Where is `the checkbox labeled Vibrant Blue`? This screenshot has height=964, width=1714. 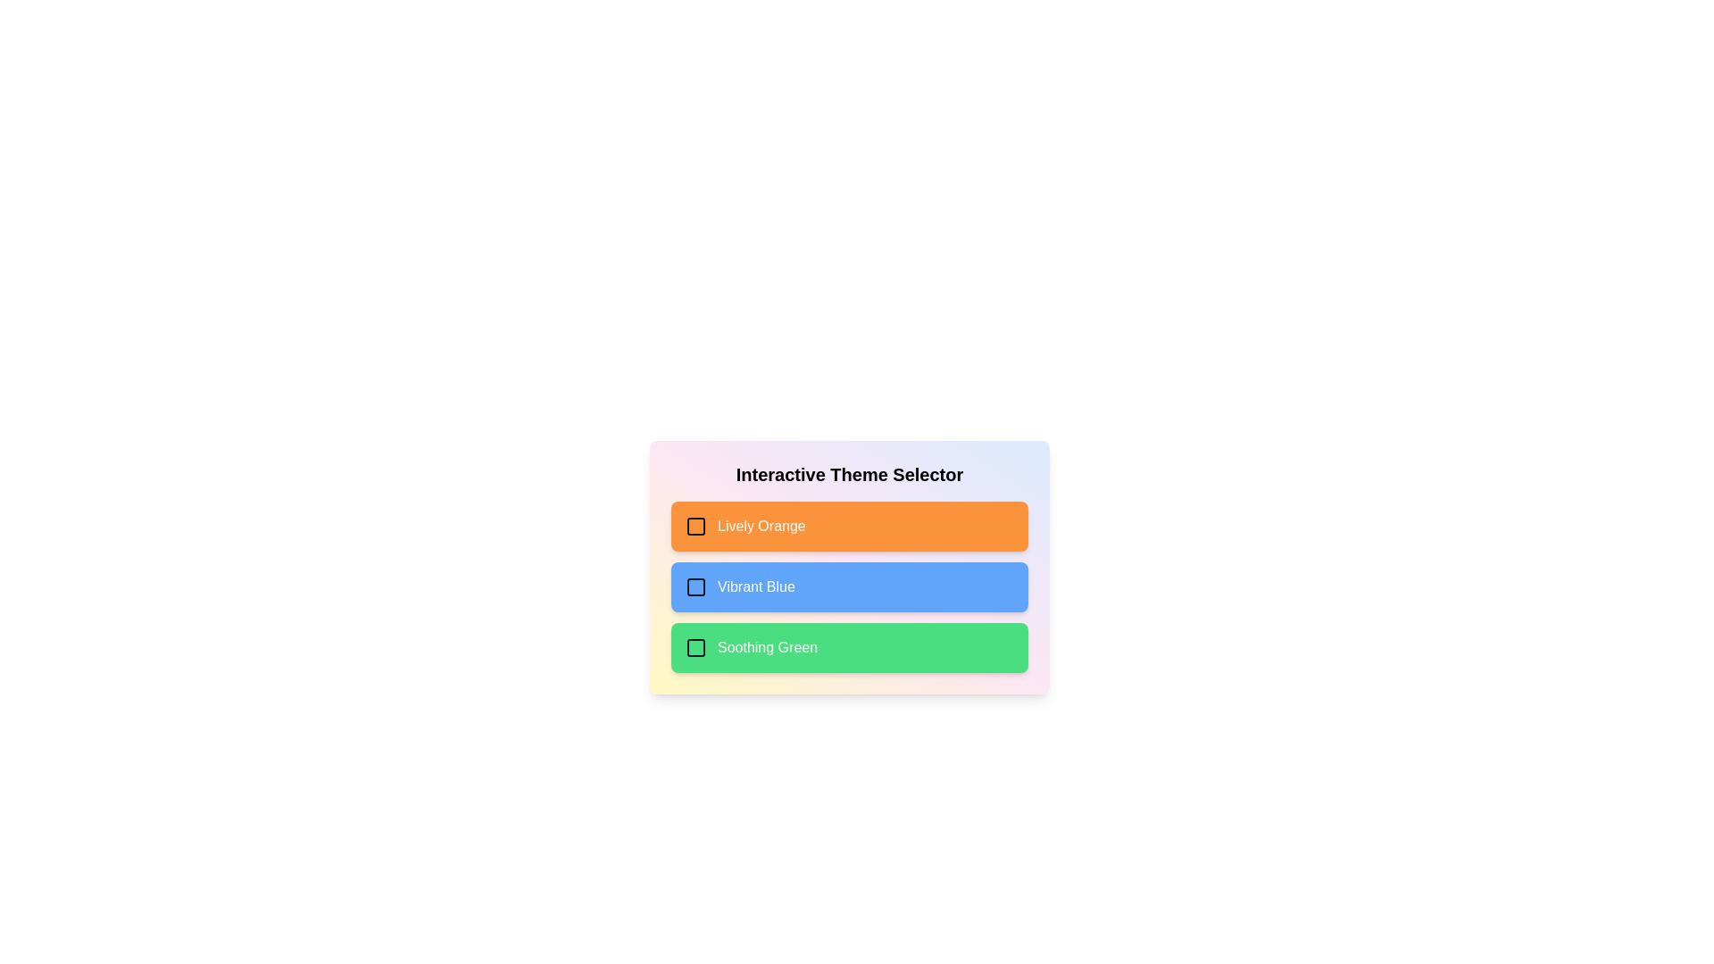 the checkbox labeled Vibrant Blue is located at coordinates (695, 587).